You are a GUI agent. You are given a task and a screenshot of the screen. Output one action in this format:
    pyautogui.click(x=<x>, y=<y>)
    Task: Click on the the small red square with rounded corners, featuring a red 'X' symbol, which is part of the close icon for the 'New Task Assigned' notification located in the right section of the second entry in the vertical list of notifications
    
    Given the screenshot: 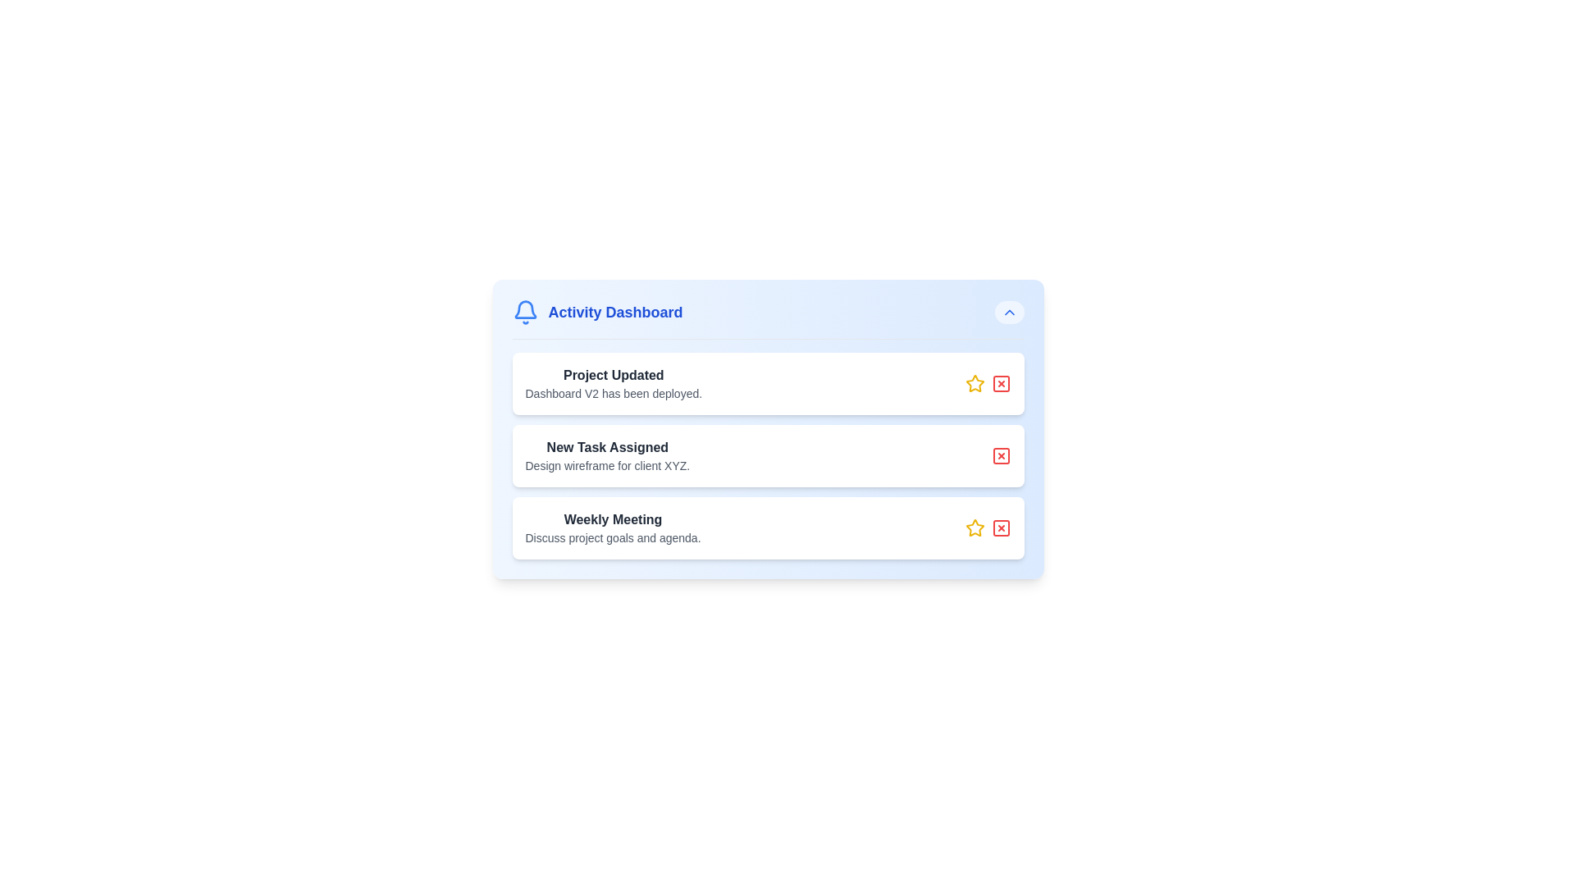 What is the action you would take?
    pyautogui.click(x=1000, y=455)
    